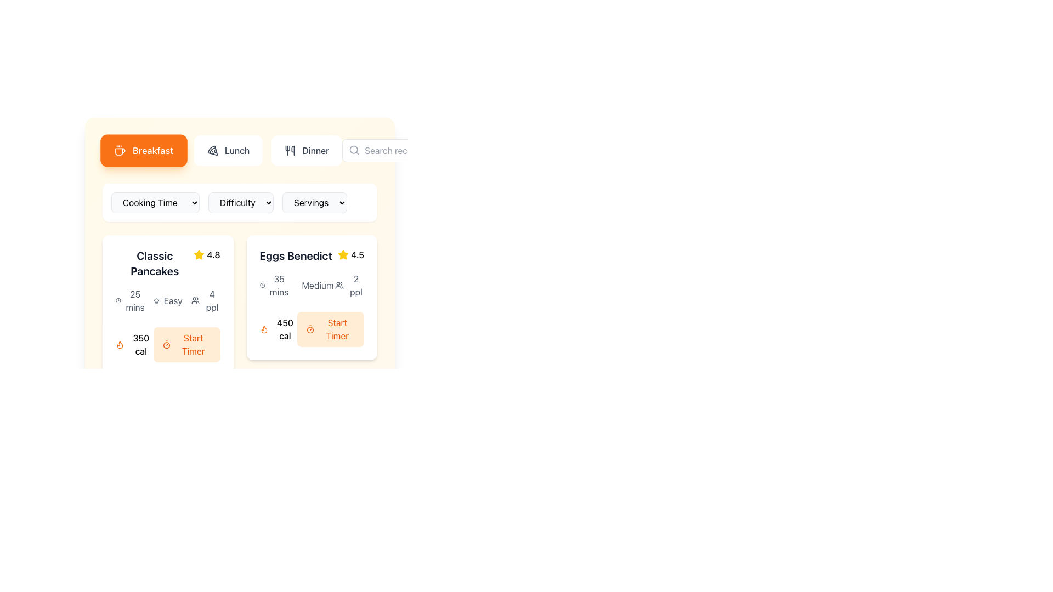 The width and height of the screenshot is (1053, 592). What do you see at coordinates (262, 439) in the screenshot?
I see `the rounded clock icon, which symbolizes time and is located adjacent to the text '20 mins' in the recipe interface for 'Classic Pancakes'` at bounding box center [262, 439].